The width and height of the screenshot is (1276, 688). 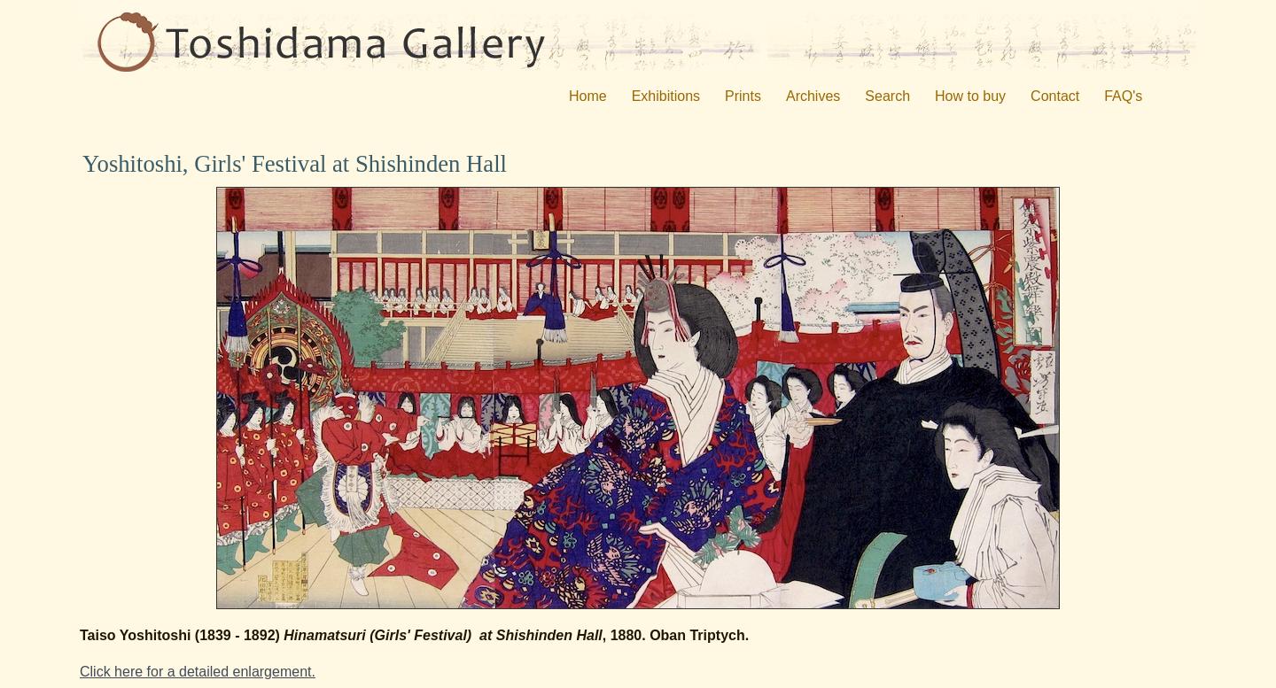 What do you see at coordinates (742, 95) in the screenshot?
I see `'Prints'` at bounding box center [742, 95].